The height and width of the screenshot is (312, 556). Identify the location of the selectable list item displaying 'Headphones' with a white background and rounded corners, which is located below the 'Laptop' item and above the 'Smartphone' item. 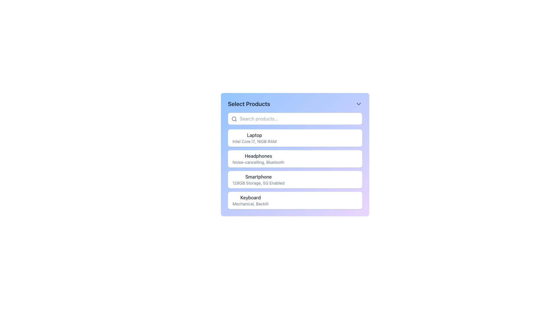
(295, 159).